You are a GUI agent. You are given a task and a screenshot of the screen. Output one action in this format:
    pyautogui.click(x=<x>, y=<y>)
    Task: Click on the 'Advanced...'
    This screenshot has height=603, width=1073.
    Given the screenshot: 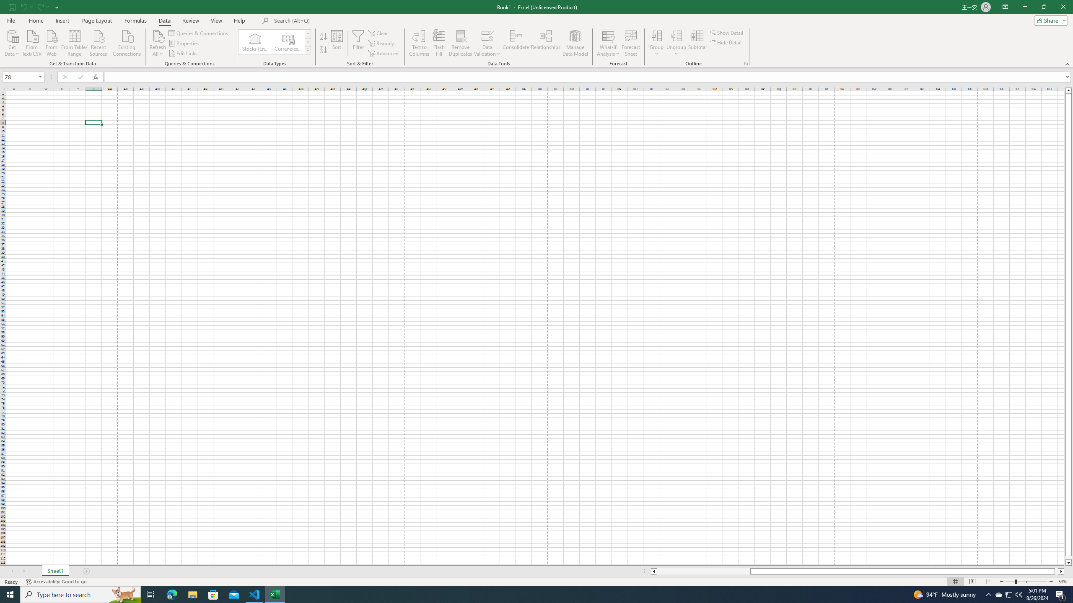 What is the action you would take?
    pyautogui.click(x=384, y=53)
    